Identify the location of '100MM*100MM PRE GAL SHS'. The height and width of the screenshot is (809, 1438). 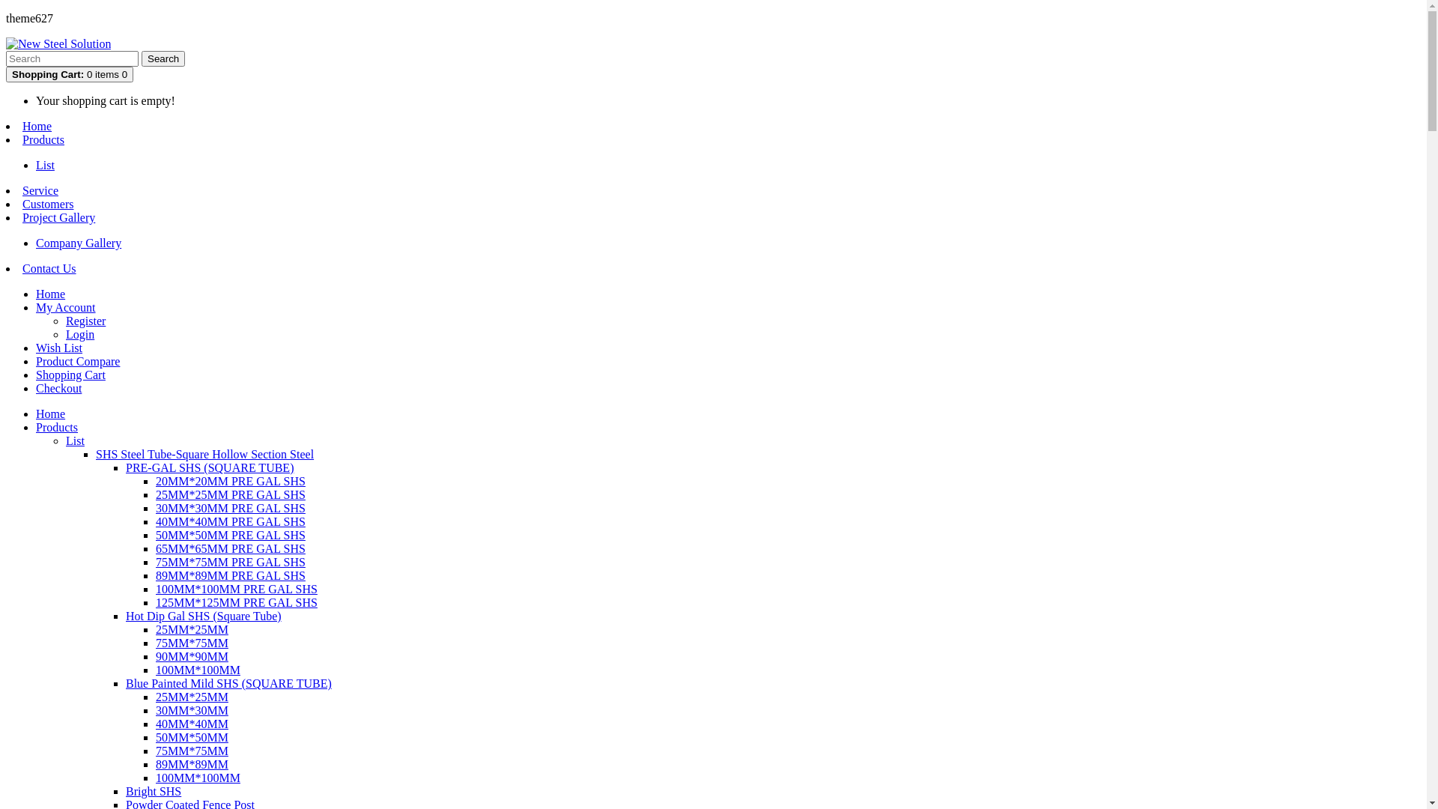
(236, 588).